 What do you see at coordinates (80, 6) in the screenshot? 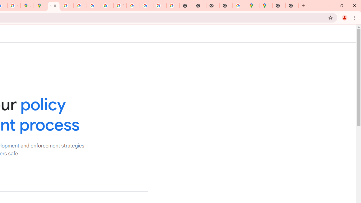
I see `'Privacy Help Center - Policies Help'` at bounding box center [80, 6].